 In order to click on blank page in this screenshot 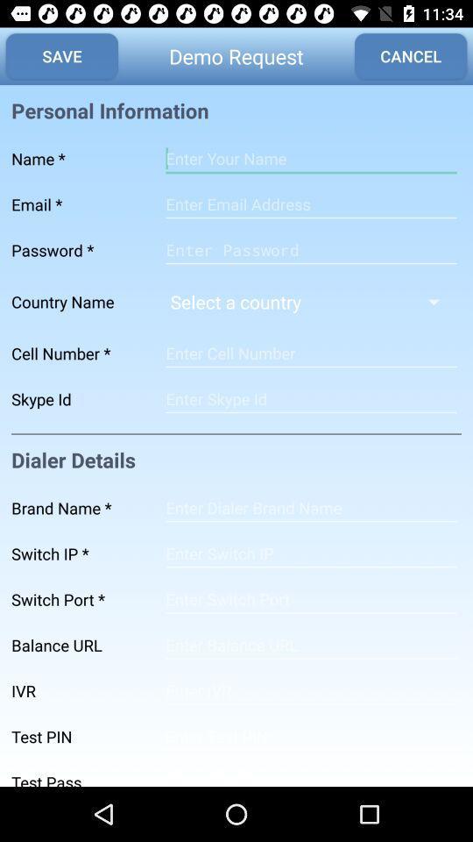, I will do `click(310, 553)`.